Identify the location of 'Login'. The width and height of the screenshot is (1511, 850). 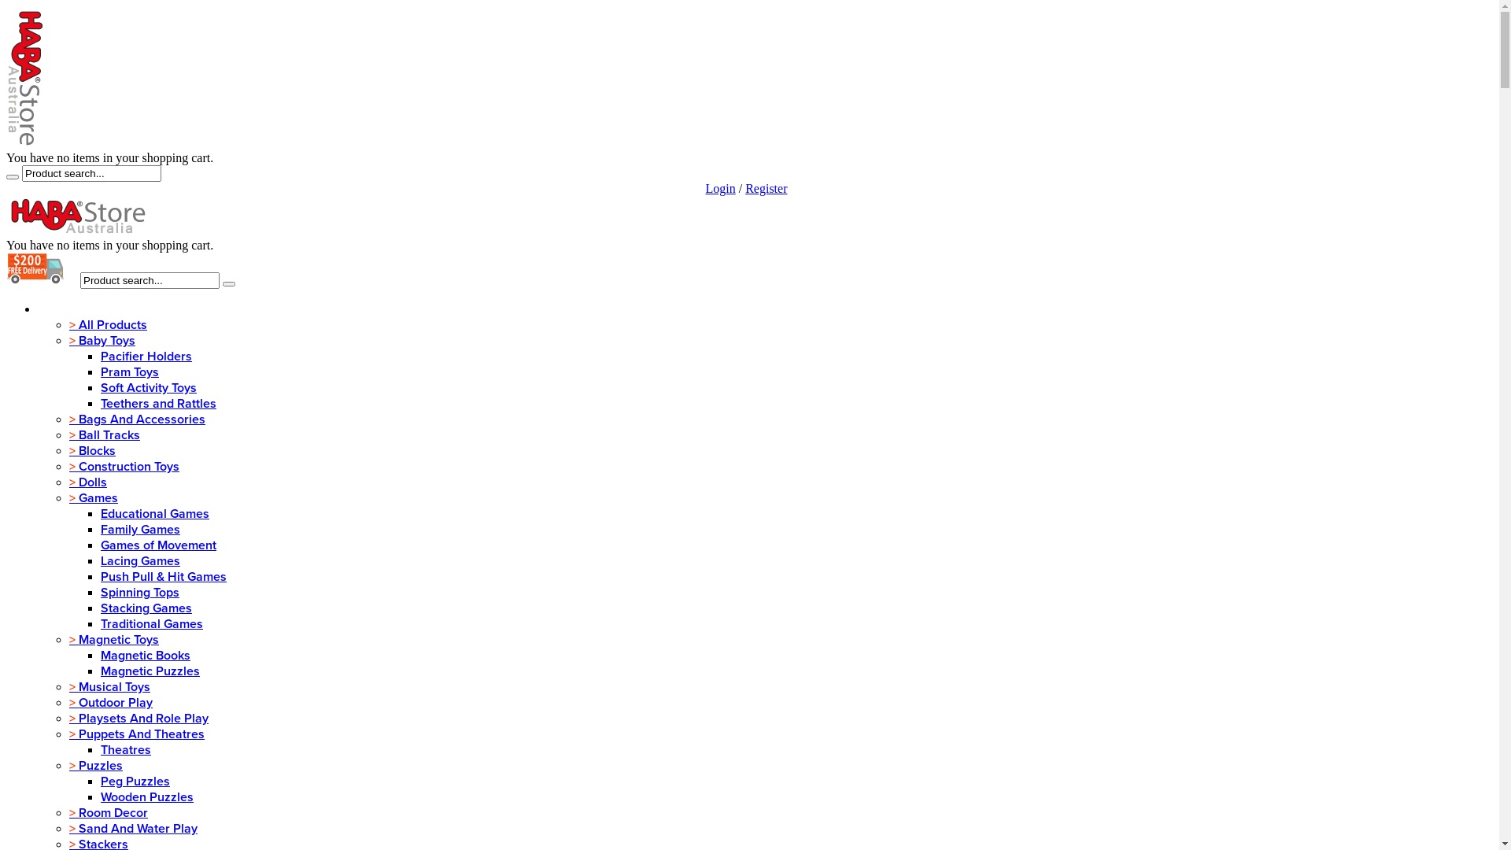
(719, 187).